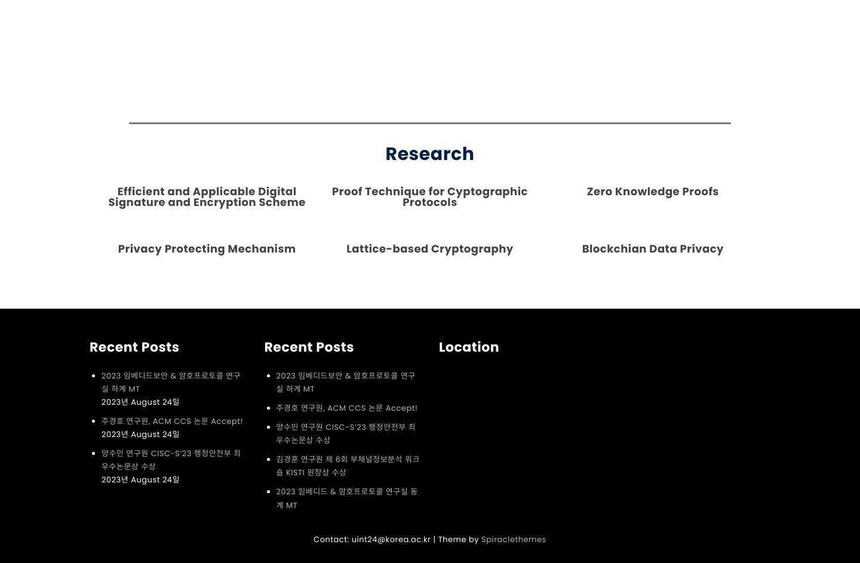 Image resolution: width=860 pixels, height=563 pixels. Describe the element at coordinates (455, 538) in the screenshot. I see `'| Theme by'` at that location.